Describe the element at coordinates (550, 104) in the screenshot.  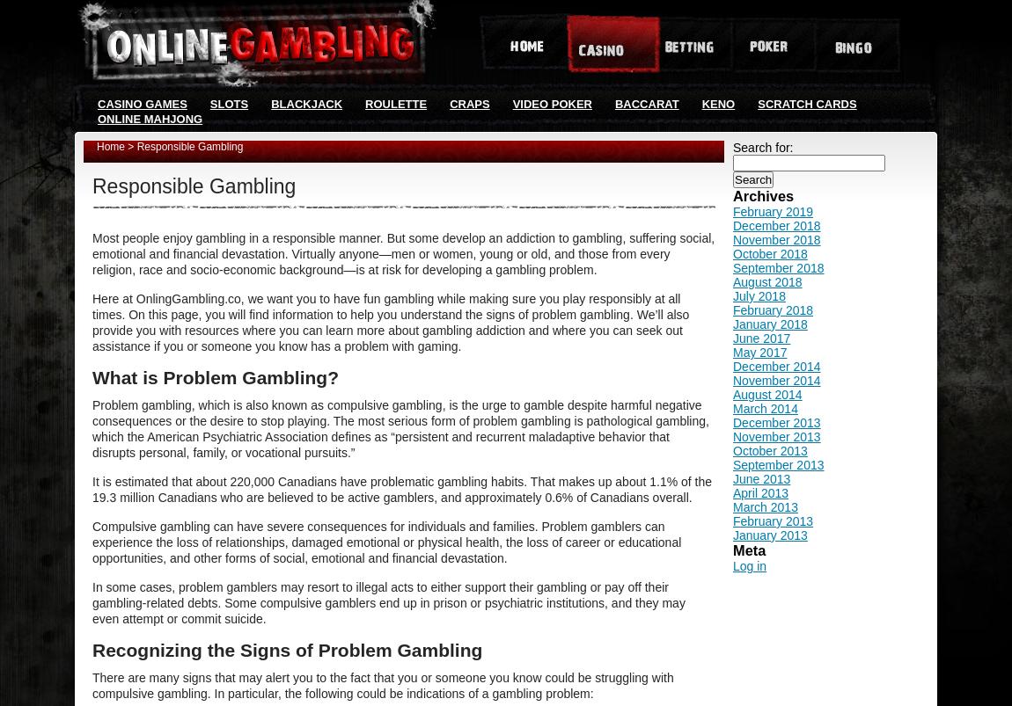
I see `'Video Poker'` at that location.